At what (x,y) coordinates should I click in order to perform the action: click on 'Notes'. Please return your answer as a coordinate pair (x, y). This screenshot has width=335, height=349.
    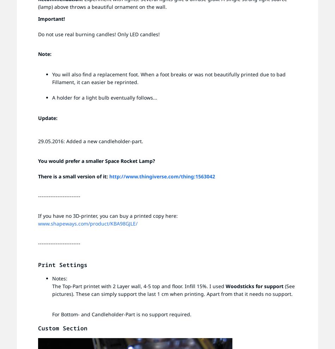
    Looking at the image, I should click on (59, 278).